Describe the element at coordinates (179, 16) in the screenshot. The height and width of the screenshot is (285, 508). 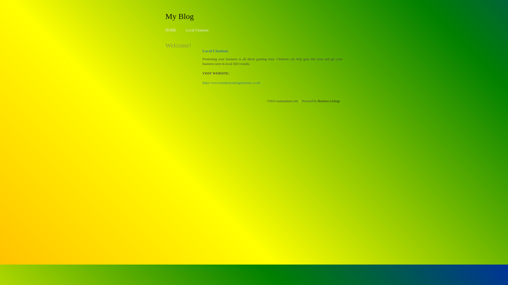
I see `'My Blog'` at that location.